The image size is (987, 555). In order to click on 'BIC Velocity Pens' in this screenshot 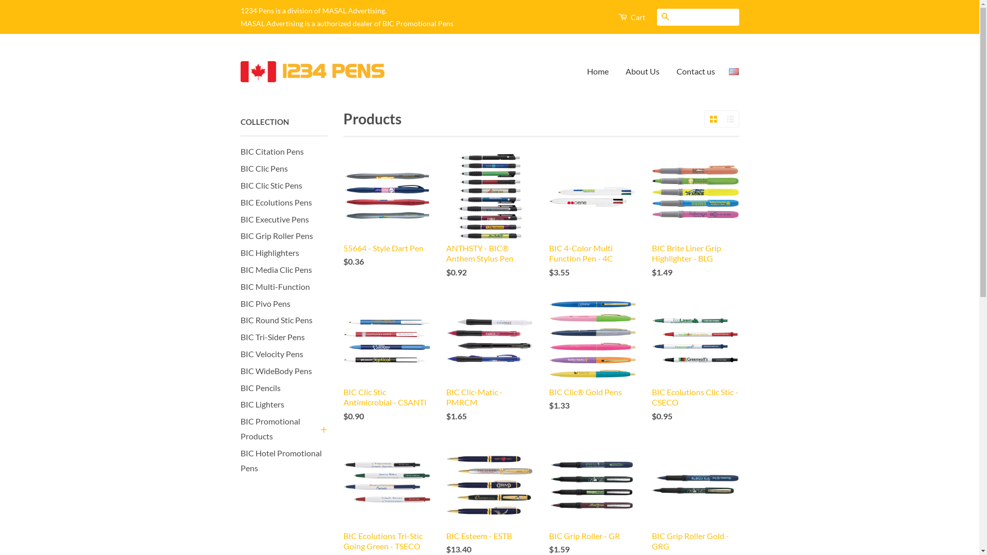, I will do `click(271, 353)`.